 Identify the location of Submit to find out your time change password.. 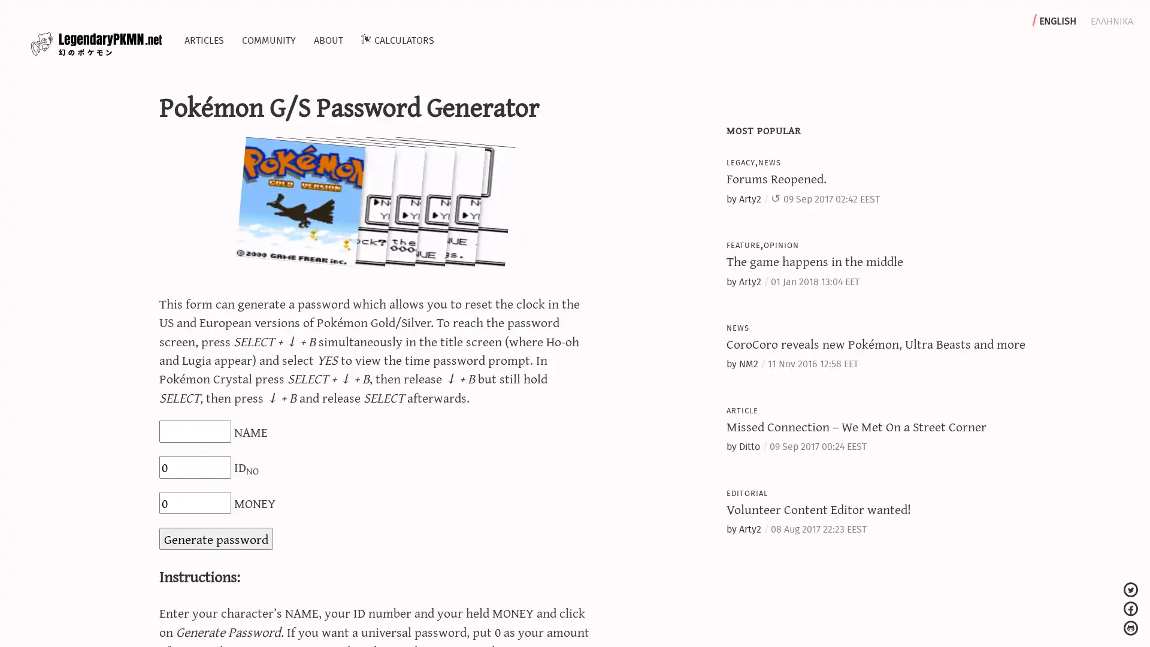
(216, 537).